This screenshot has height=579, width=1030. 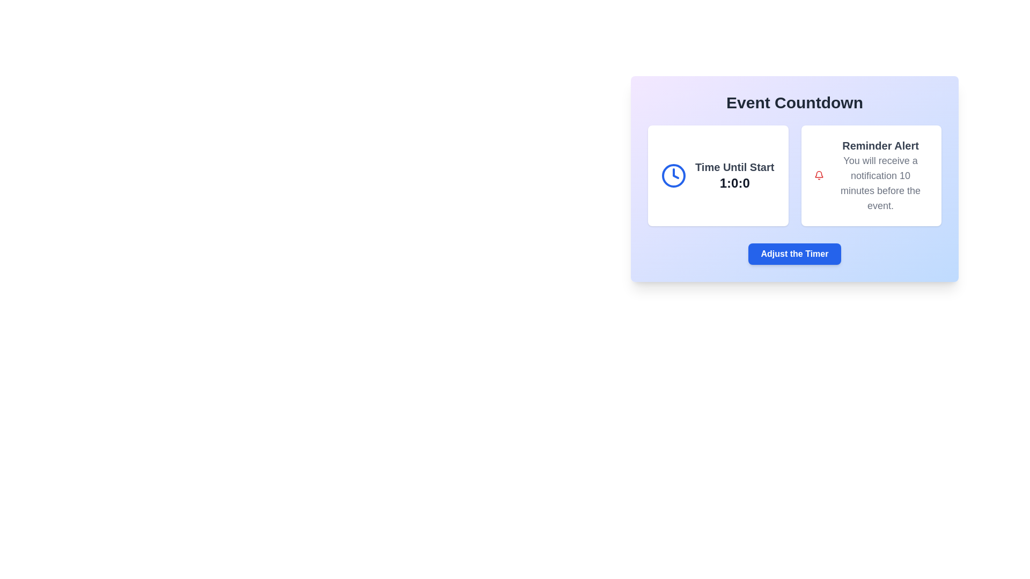 What do you see at coordinates (673, 175) in the screenshot?
I see `the clock icon representing time` at bounding box center [673, 175].